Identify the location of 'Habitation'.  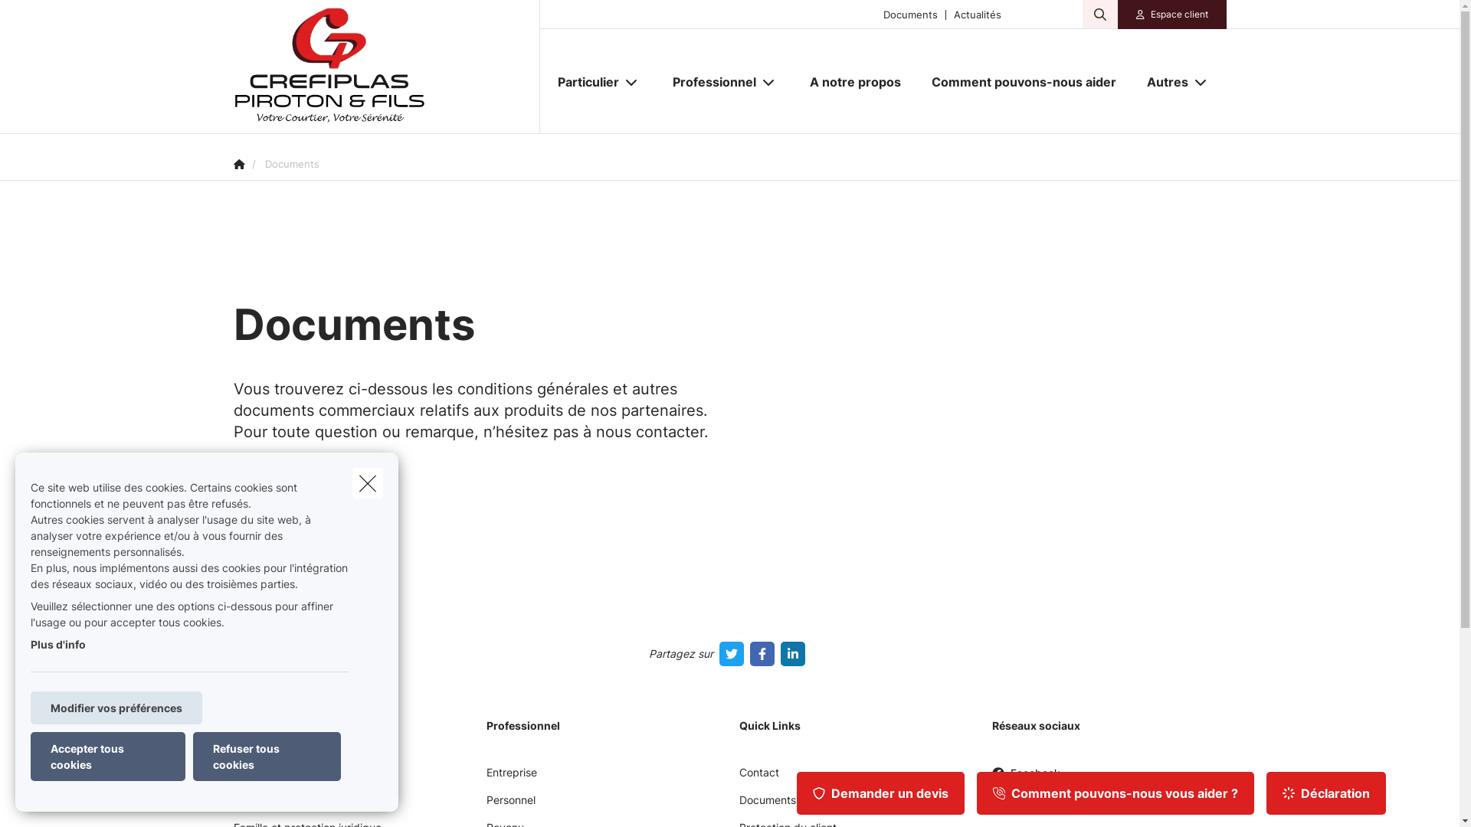
(258, 805).